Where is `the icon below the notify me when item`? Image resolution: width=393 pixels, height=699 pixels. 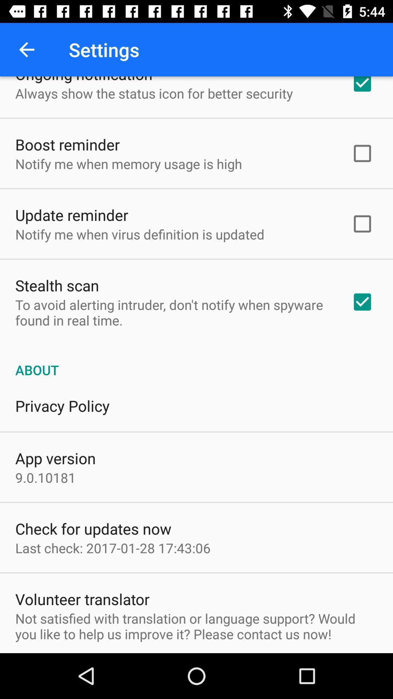 the icon below the notify me when item is located at coordinates (72, 214).